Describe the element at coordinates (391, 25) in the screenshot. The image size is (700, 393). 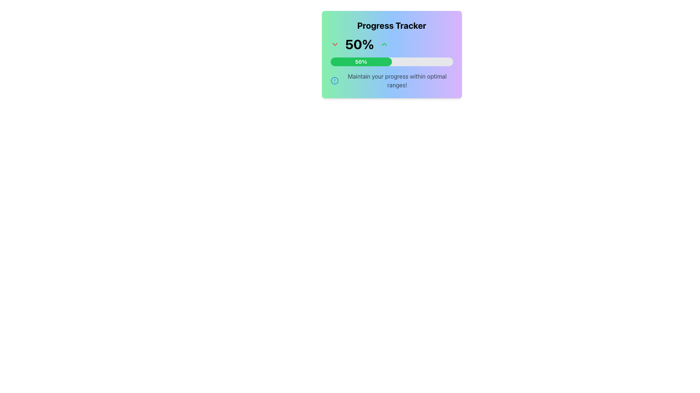
I see `the Text Label that identifies the purpose or theme of the card tracking progress, located centrally at the top of the card-like structure` at that location.